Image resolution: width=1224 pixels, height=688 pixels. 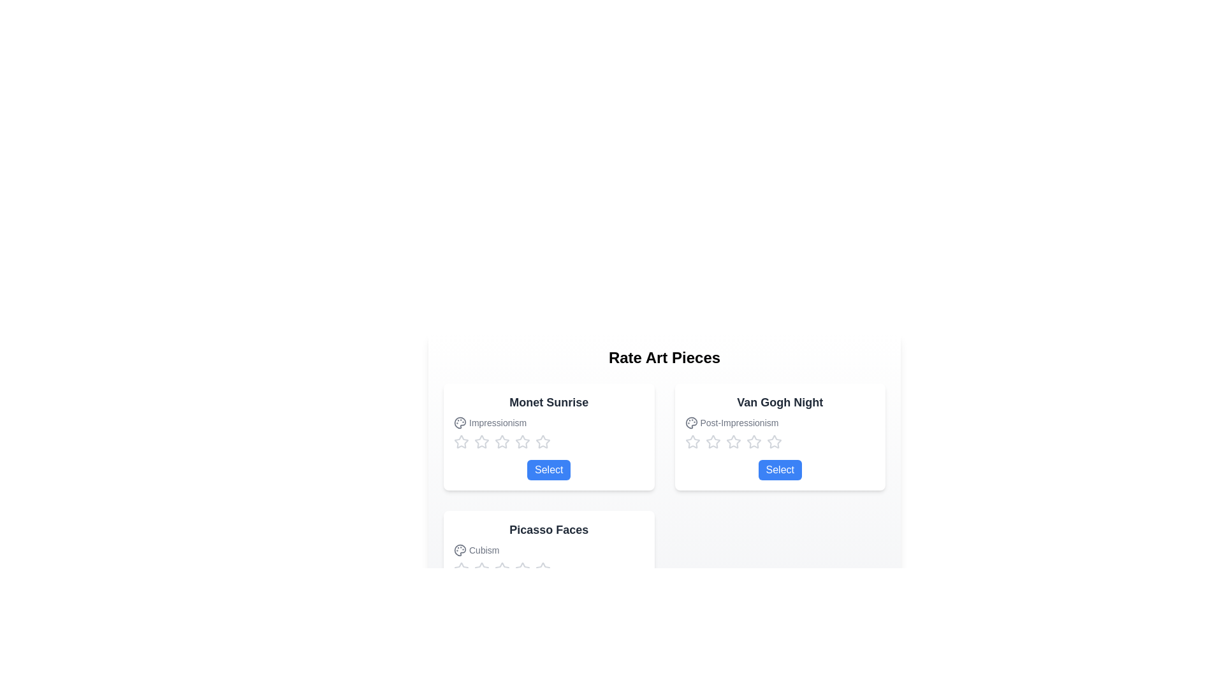 What do you see at coordinates (523, 441) in the screenshot?
I see `the fifth rating star below the title 'Monet Sunrise' and subtitle 'Impressionism'` at bounding box center [523, 441].